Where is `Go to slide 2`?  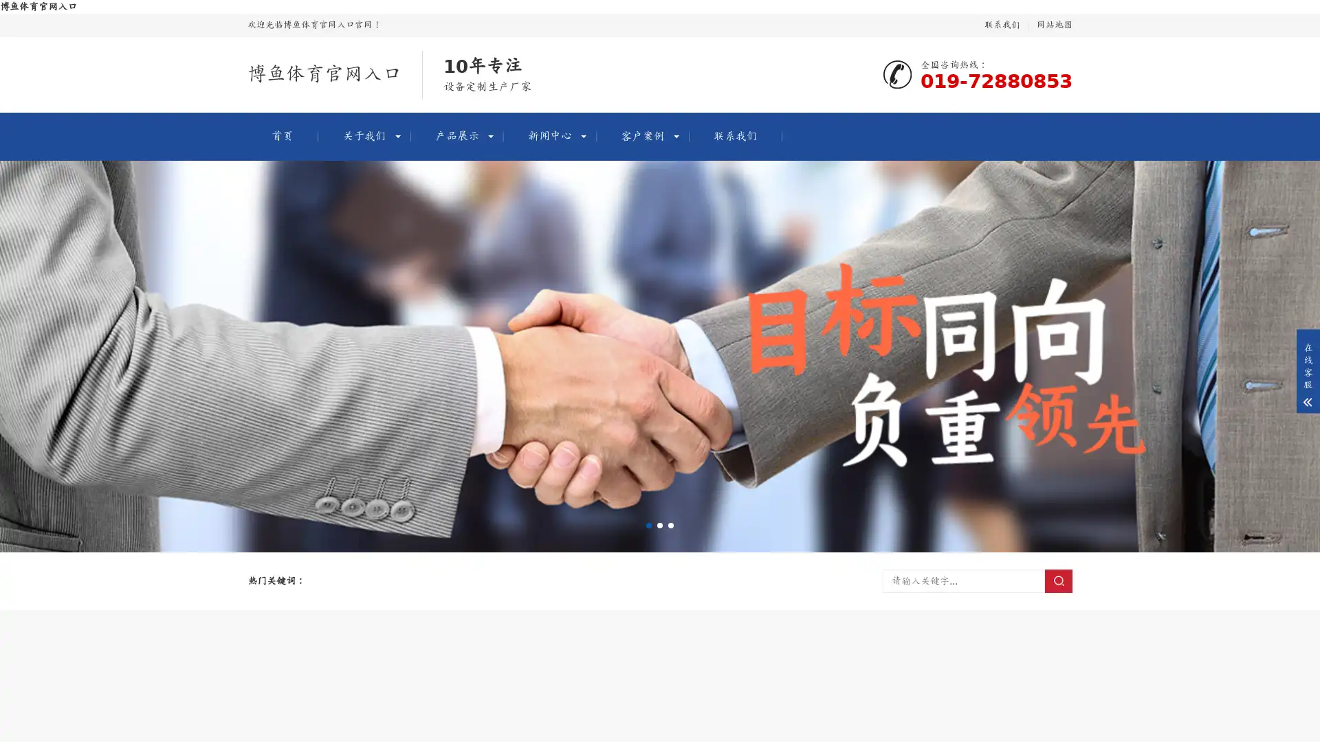
Go to slide 2 is located at coordinates (660, 525).